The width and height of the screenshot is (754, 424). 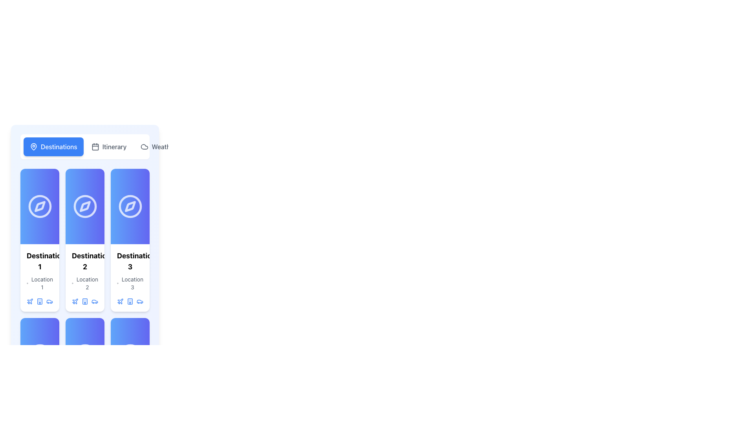 What do you see at coordinates (85, 206) in the screenshot?
I see `the second compass icon from the left in the 'Destinations' tab, which is centered inside its rounded rectangular card` at bounding box center [85, 206].